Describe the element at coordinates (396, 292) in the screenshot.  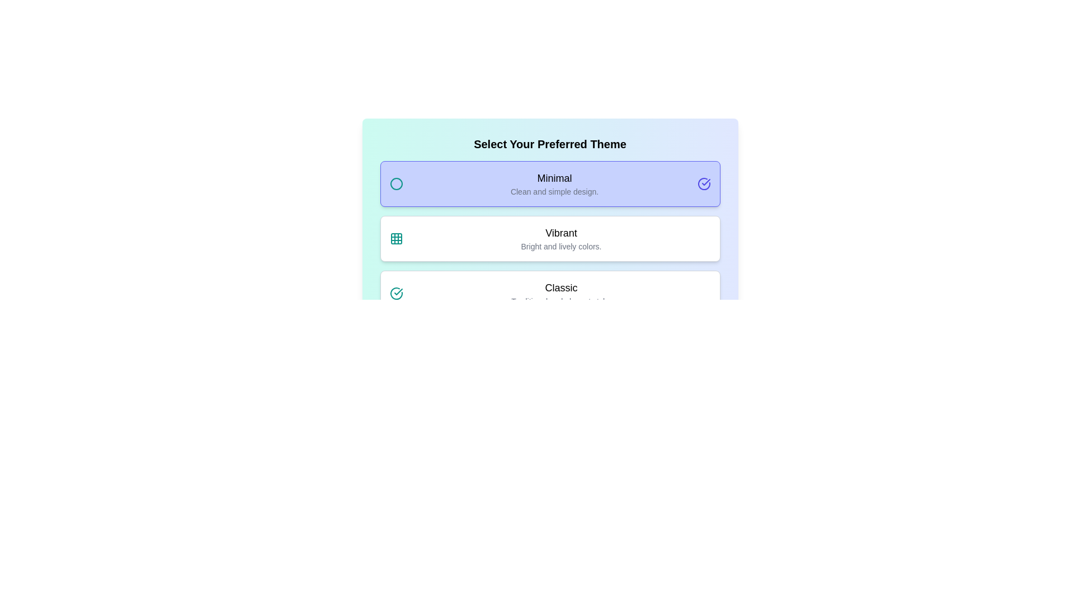
I see `the status of the selection icon representing the 'Classic' theme, which is the third card in the vertical list of theme options` at that location.